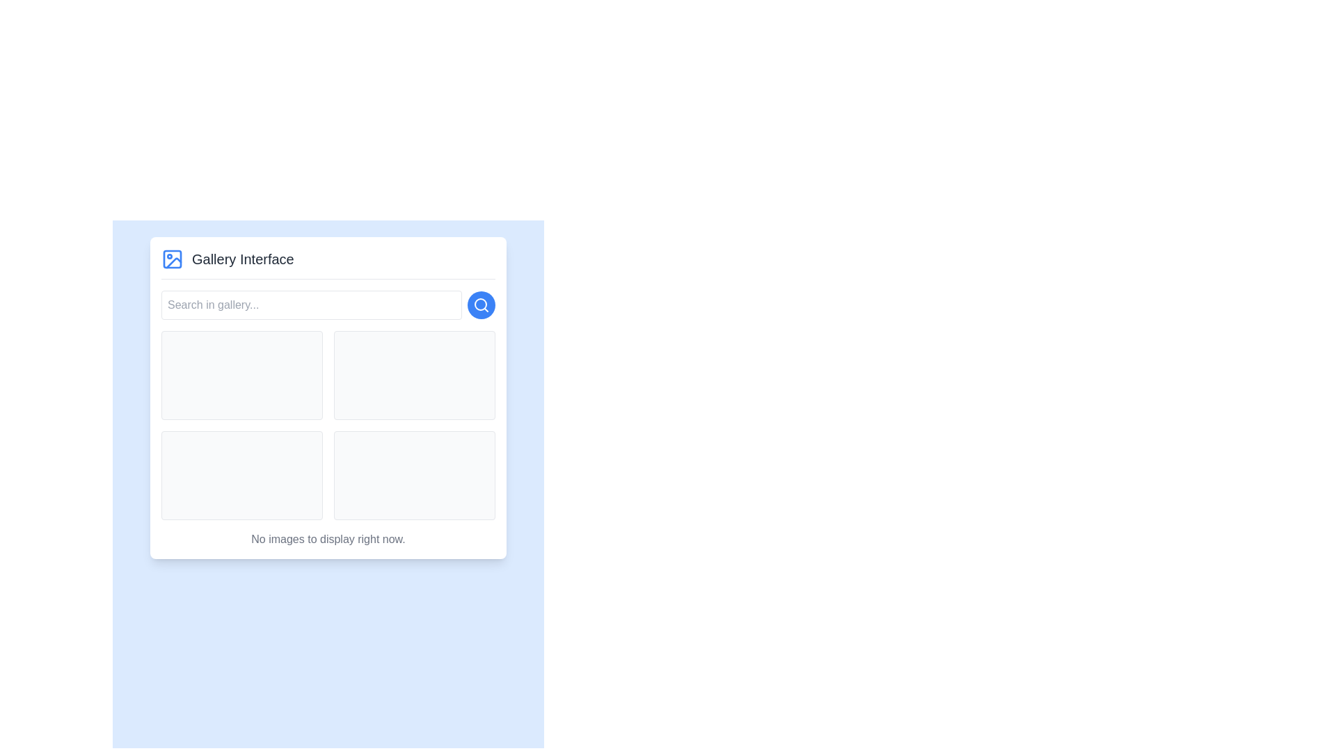  I want to click on the circular graphical element representing part of the search icon, located at the top left of the search icon in the gallery interface header bar, so click(481, 304).